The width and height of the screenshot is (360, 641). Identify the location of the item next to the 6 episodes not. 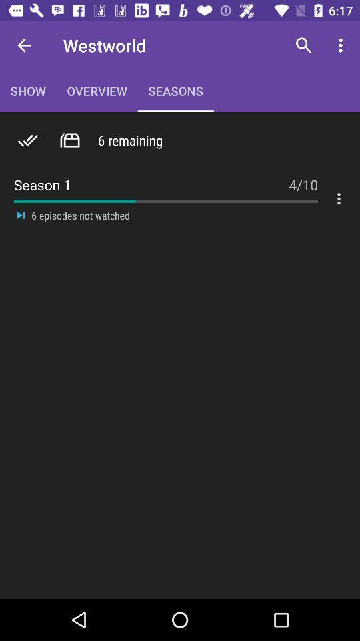
(20, 215).